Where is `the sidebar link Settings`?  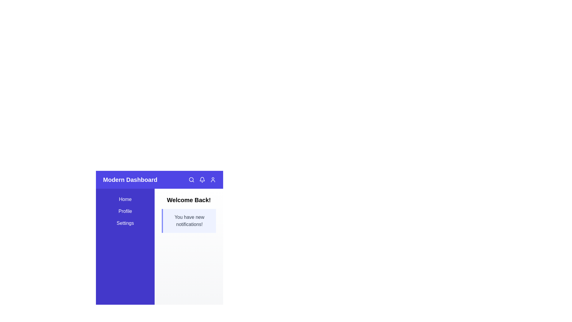 the sidebar link Settings is located at coordinates (125, 223).